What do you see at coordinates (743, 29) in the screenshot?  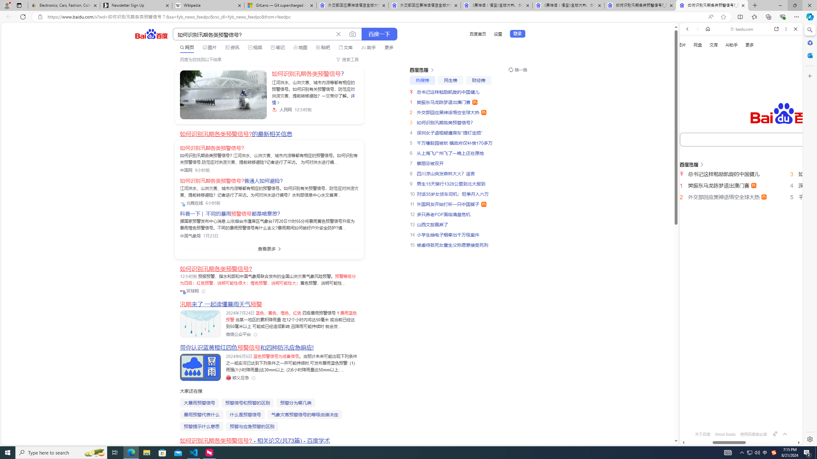 I see `'baidu.com'` at bounding box center [743, 29].